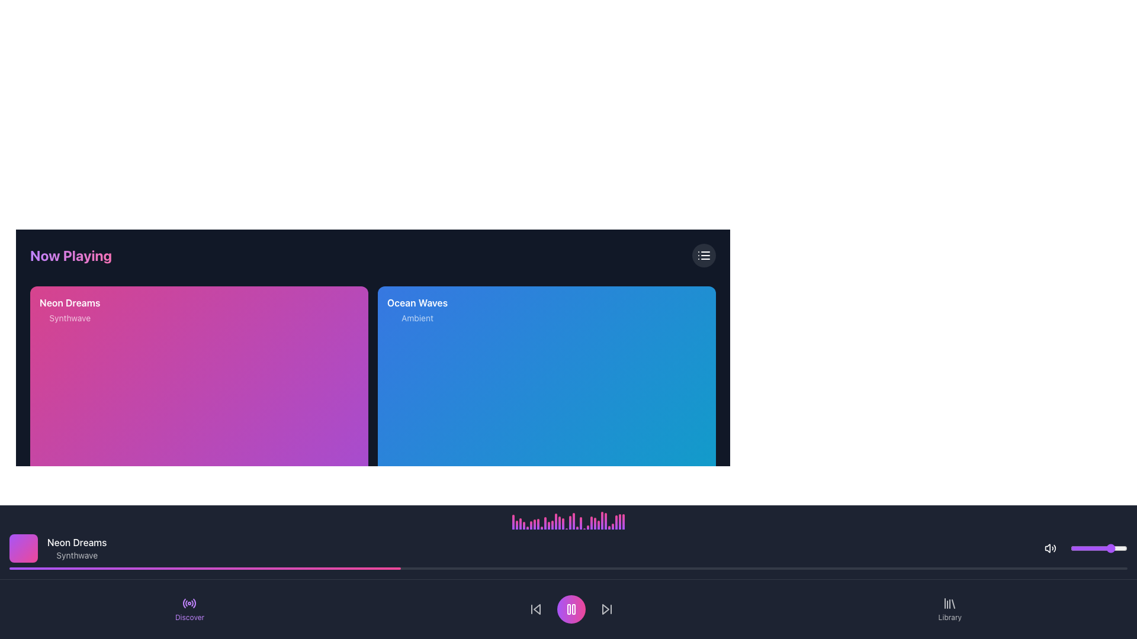 The height and width of the screenshot is (639, 1137). Describe the element at coordinates (591, 526) in the screenshot. I see `the 24th vertical gradient Visualization bar, which transitions from purple to pink and has a rounded top, located above the media control section` at that location.